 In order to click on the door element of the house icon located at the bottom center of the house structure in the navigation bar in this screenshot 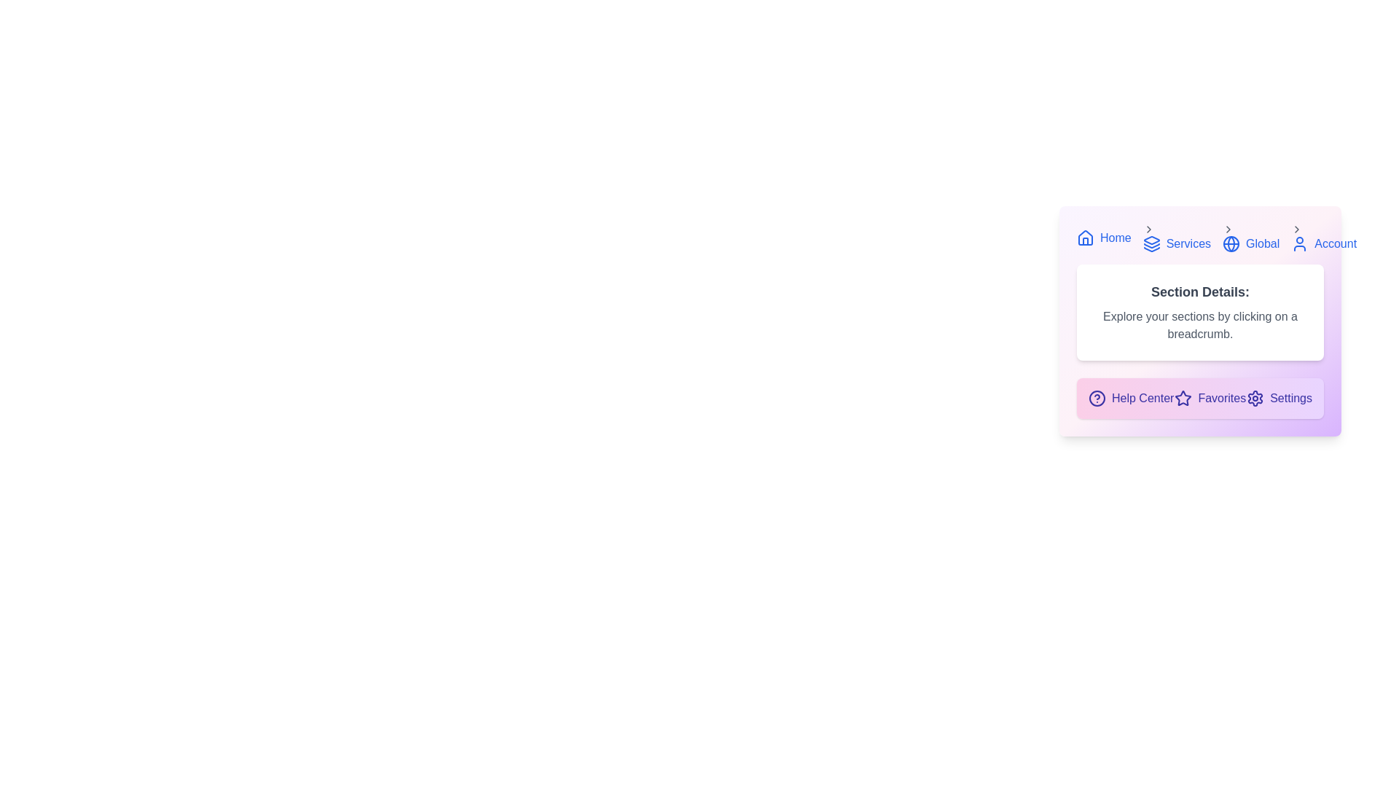, I will do `click(1085, 240)`.